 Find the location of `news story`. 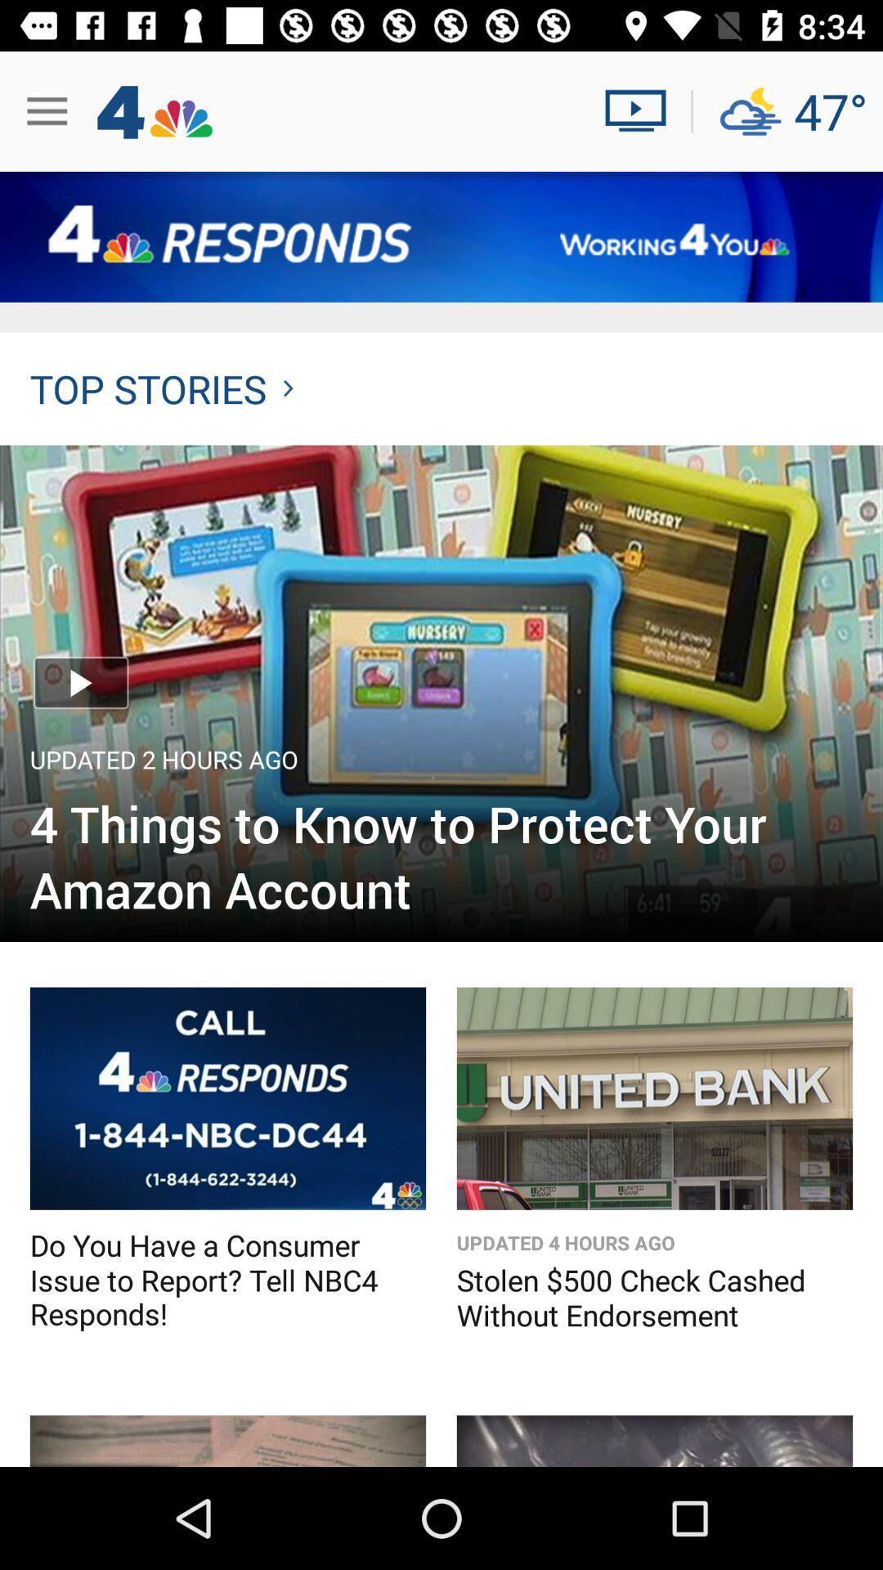

news story is located at coordinates (227, 1441).